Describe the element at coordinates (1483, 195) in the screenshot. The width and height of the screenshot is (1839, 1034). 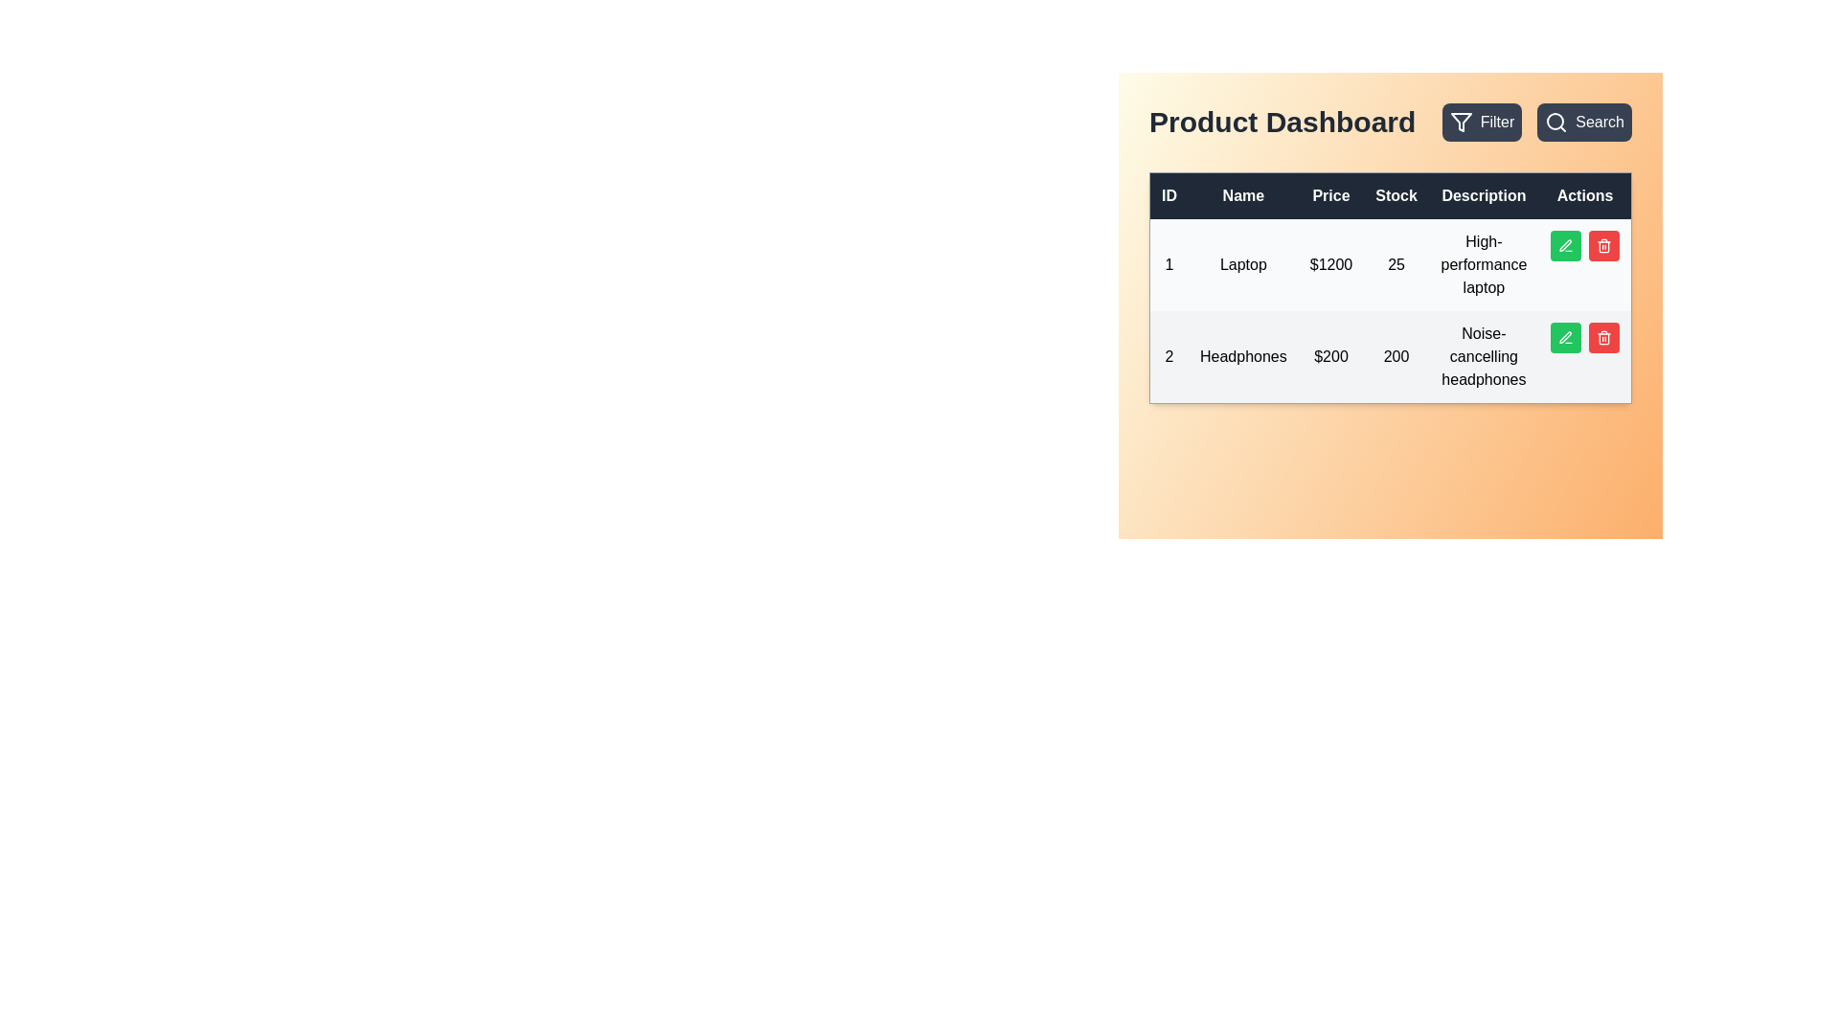
I see `the Text label in the fifth column of the header row, which indicates that the column below it will provide descriptions of the listed items, located between the 'Stock' and 'Actions' columns` at that location.